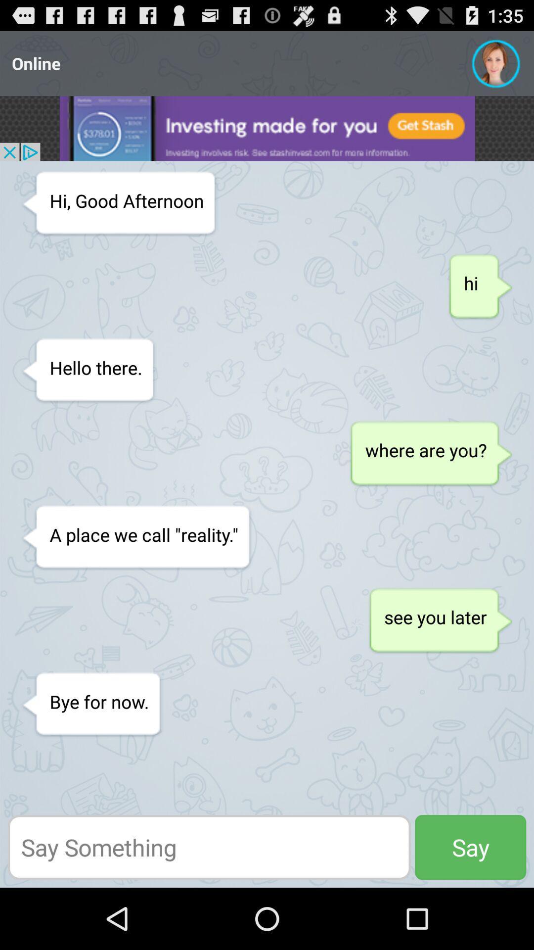  Describe the element at coordinates (209, 847) in the screenshot. I see `reply` at that location.